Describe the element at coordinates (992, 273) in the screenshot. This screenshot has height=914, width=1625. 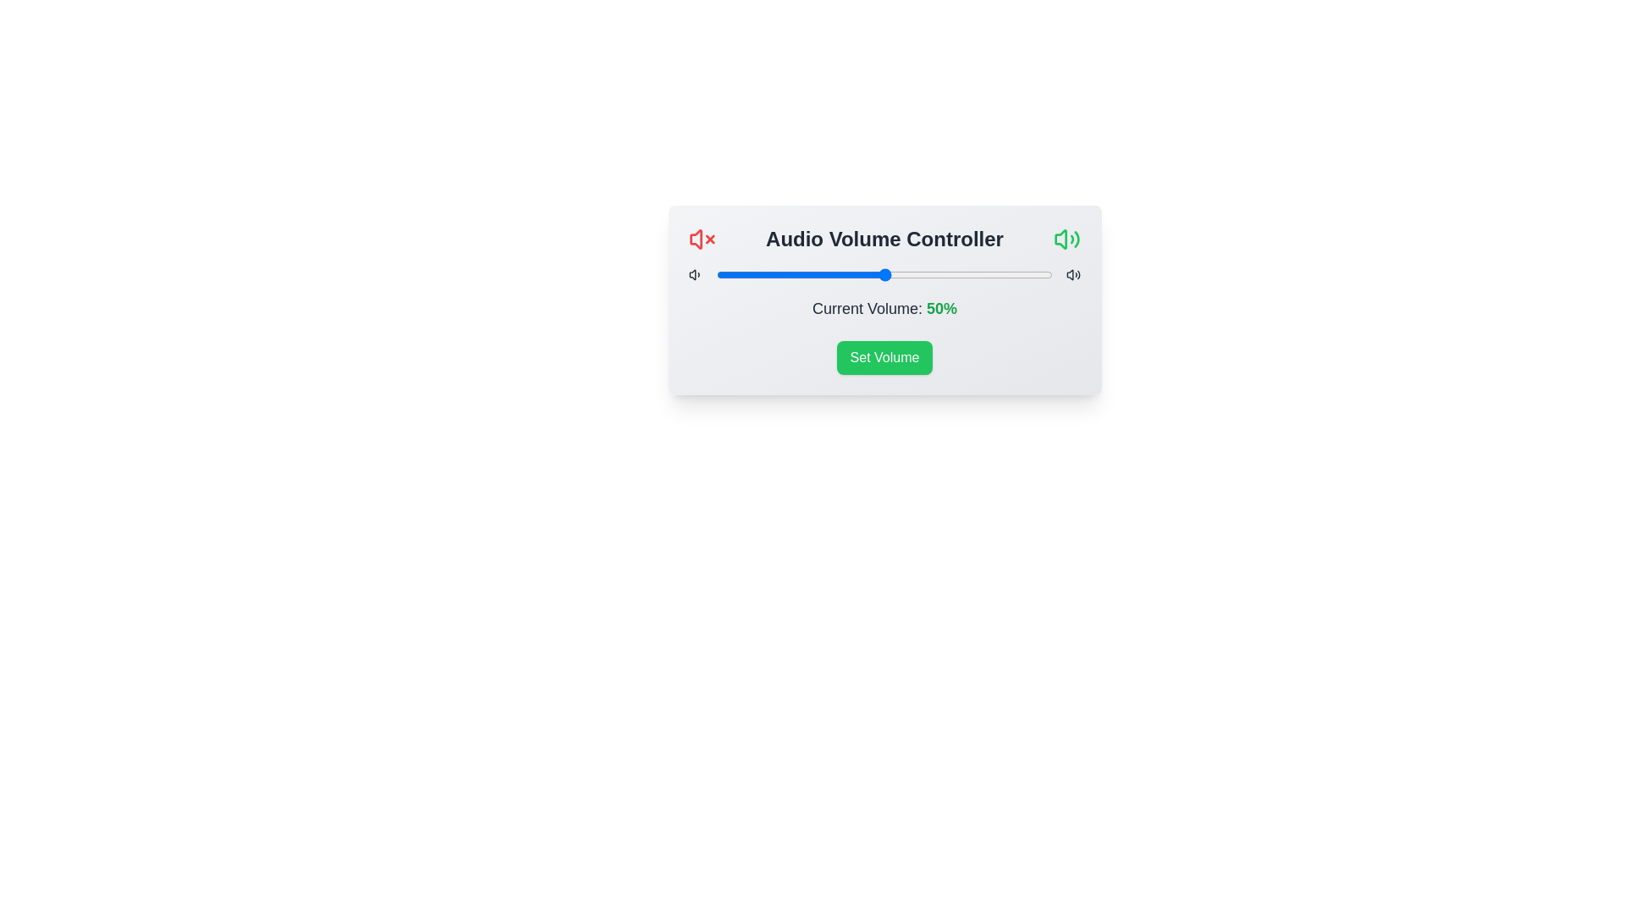
I see `the volume slider to 82%` at that location.